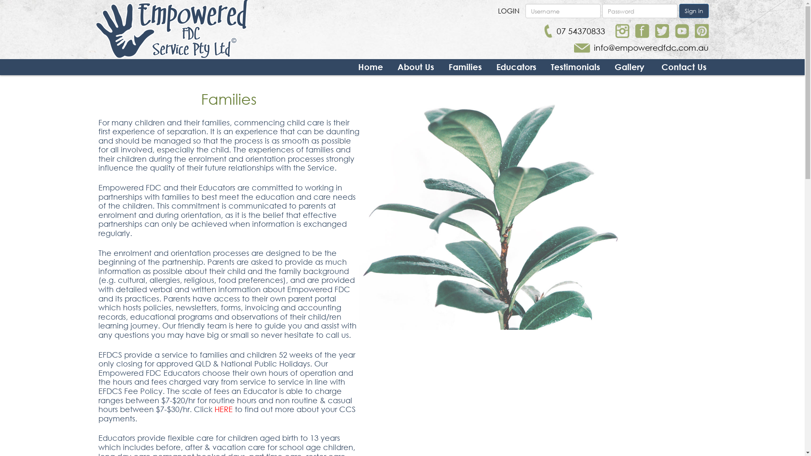 This screenshot has height=456, width=811. I want to click on 'Contact Us', so click(684, 66).